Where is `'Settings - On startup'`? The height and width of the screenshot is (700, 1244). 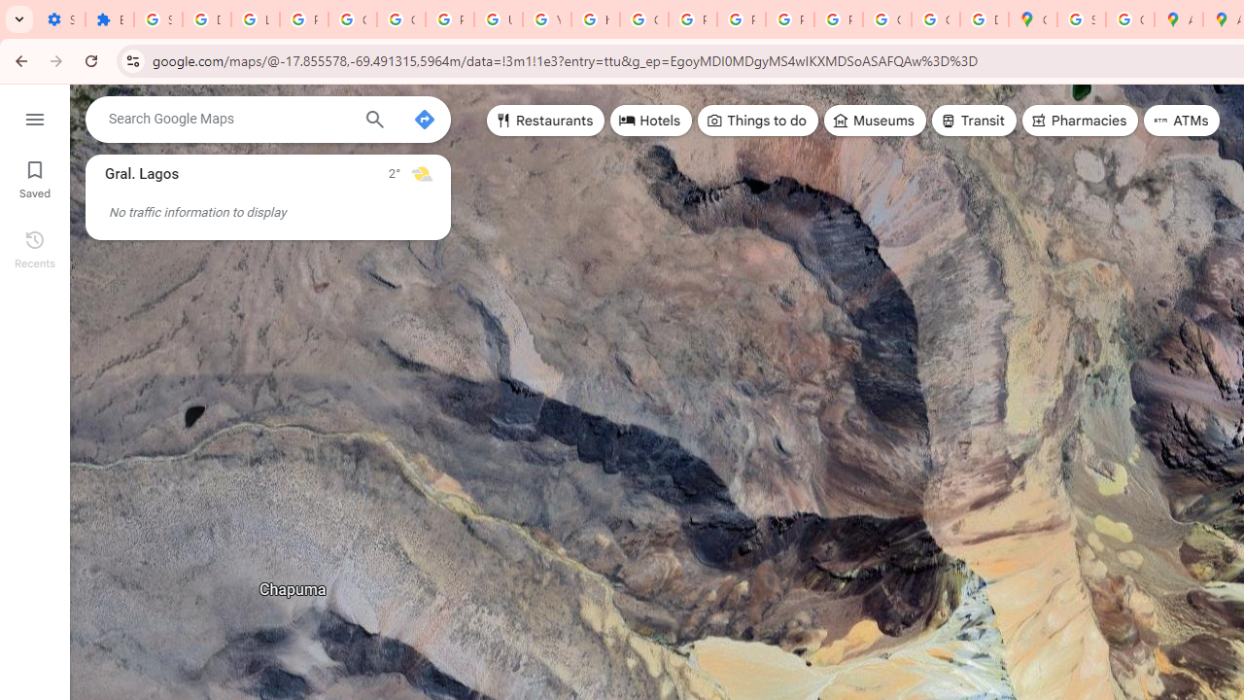
'Settings - On startup' is located at coordinates (60, 19).